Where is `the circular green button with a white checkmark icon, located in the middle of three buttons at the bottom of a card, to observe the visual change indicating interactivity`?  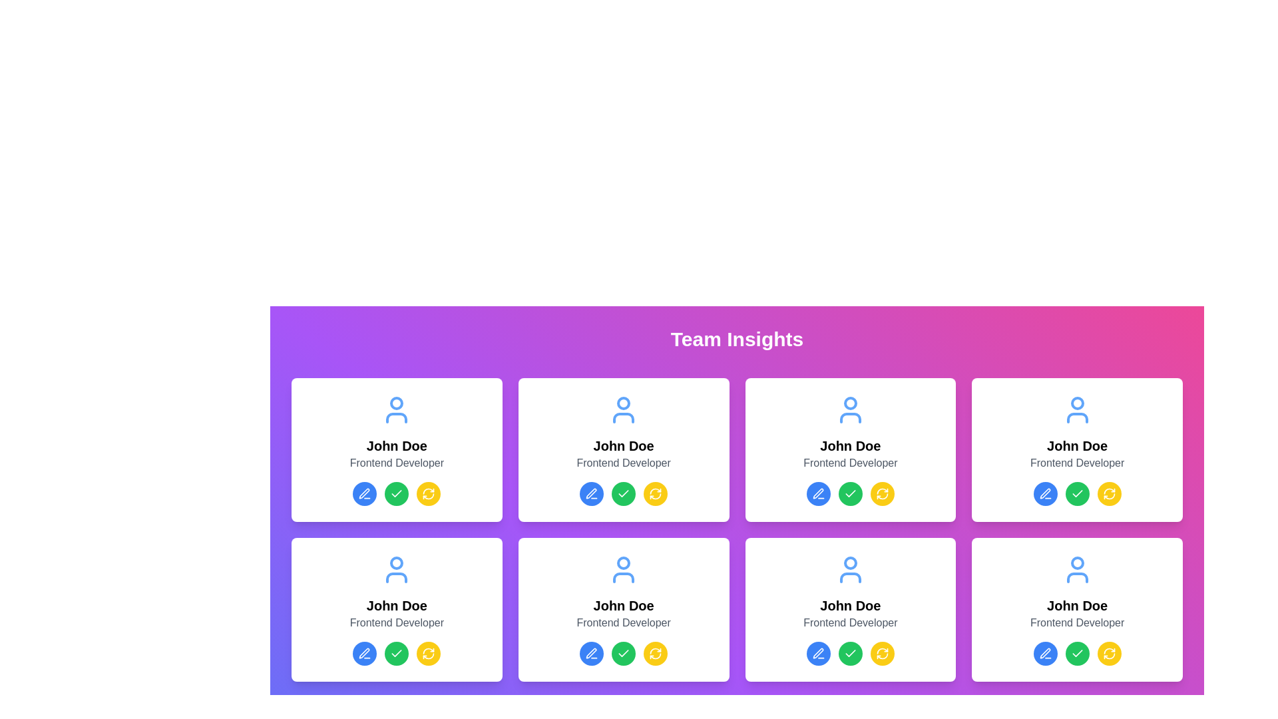 the circular green button with a white checkmark icon, located in the middle of three buttons at the bottom of a card, to observe the visual change indicating interactivity is located at coordinates (623, 653).